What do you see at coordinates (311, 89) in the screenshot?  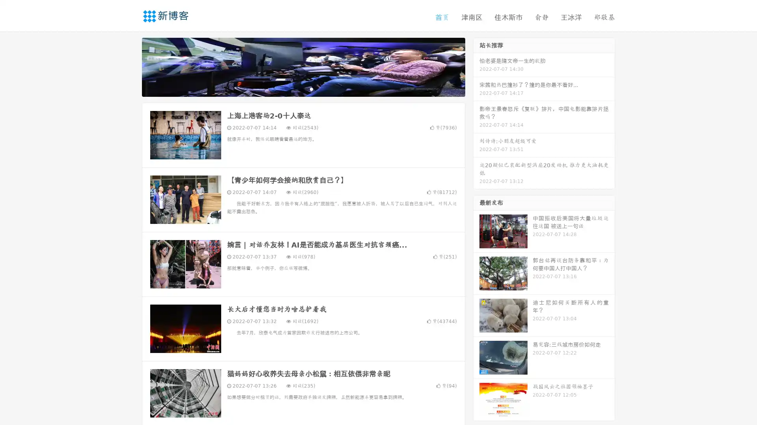 I see `Go to slide 3` at bounding box center [311, 89].